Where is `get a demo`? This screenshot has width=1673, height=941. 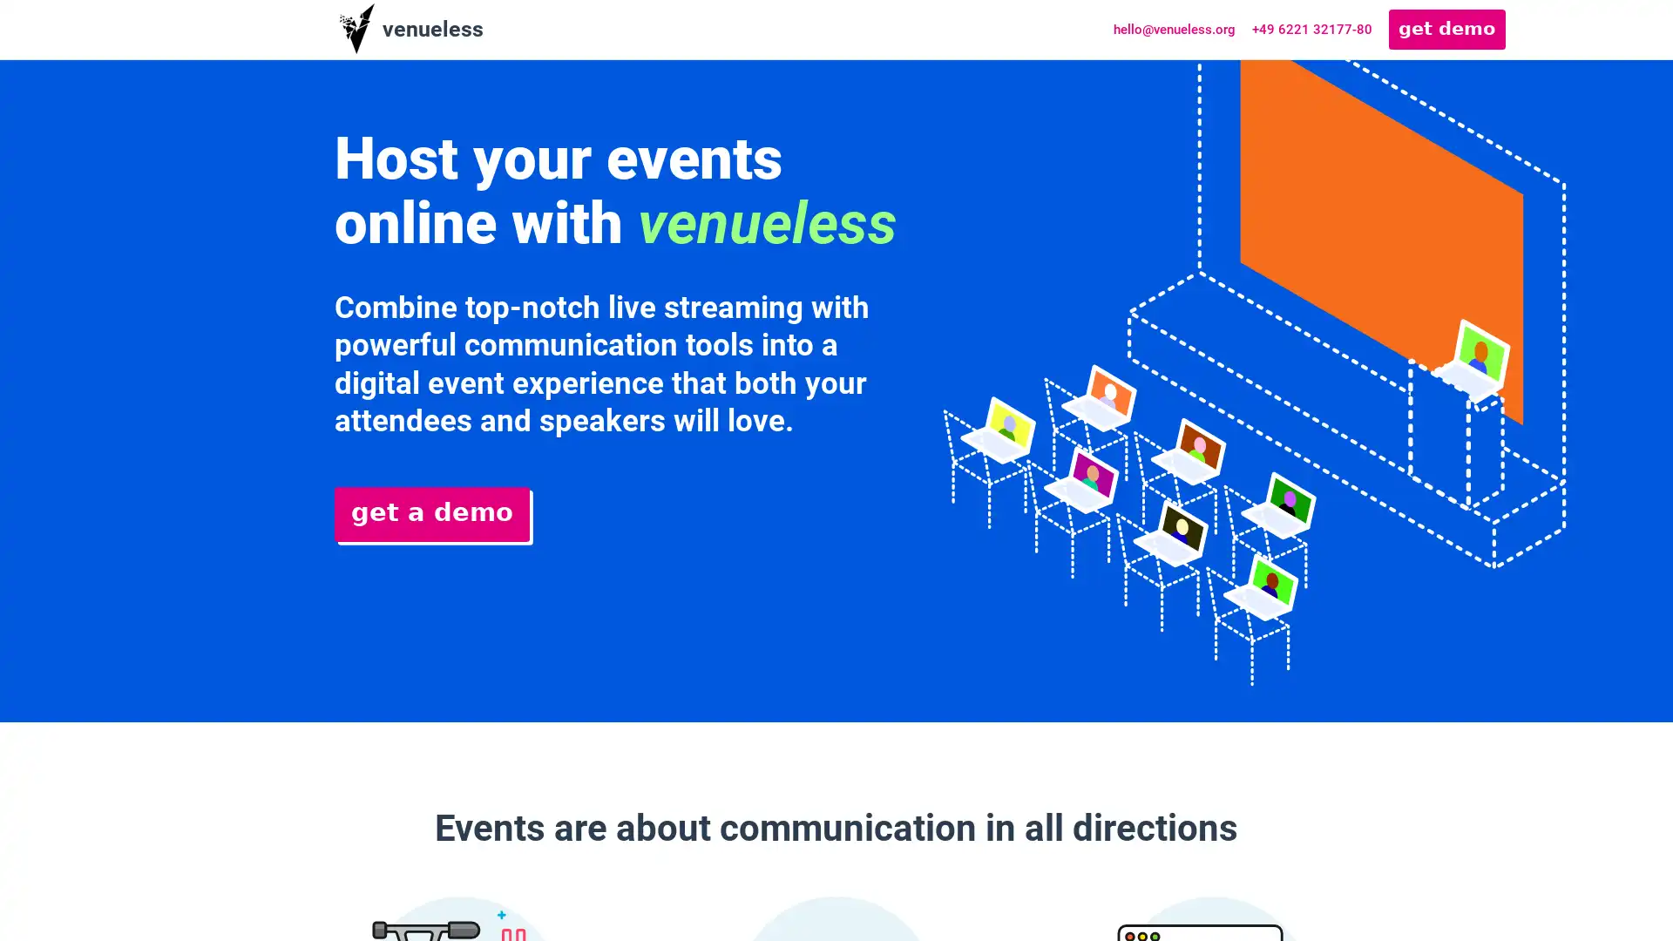 get a demo is located at coordinates (431, 513).